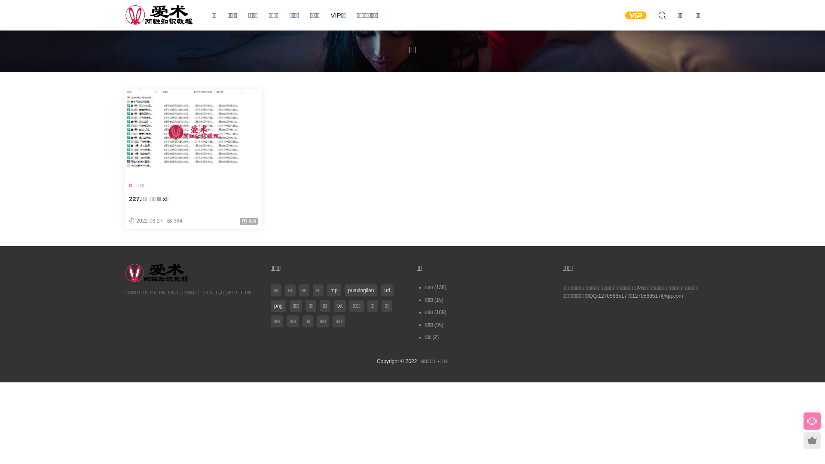 The image size is (825, 464). Describe the element at coordinates (339, 305) in the screenshot. I see `'txt'` at that location.